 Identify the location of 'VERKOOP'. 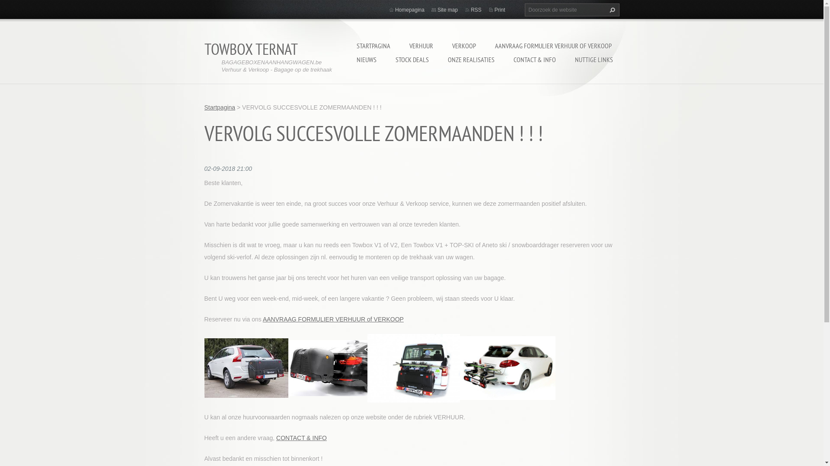
(463, 45).